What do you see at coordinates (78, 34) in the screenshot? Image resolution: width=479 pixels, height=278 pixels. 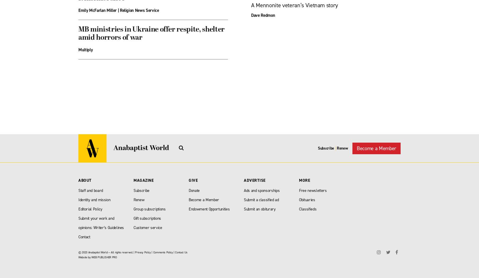 I see `'MB ministries in Ukraine offer respite, shelter amid horrors of war'` at bounding box center [78, 34].